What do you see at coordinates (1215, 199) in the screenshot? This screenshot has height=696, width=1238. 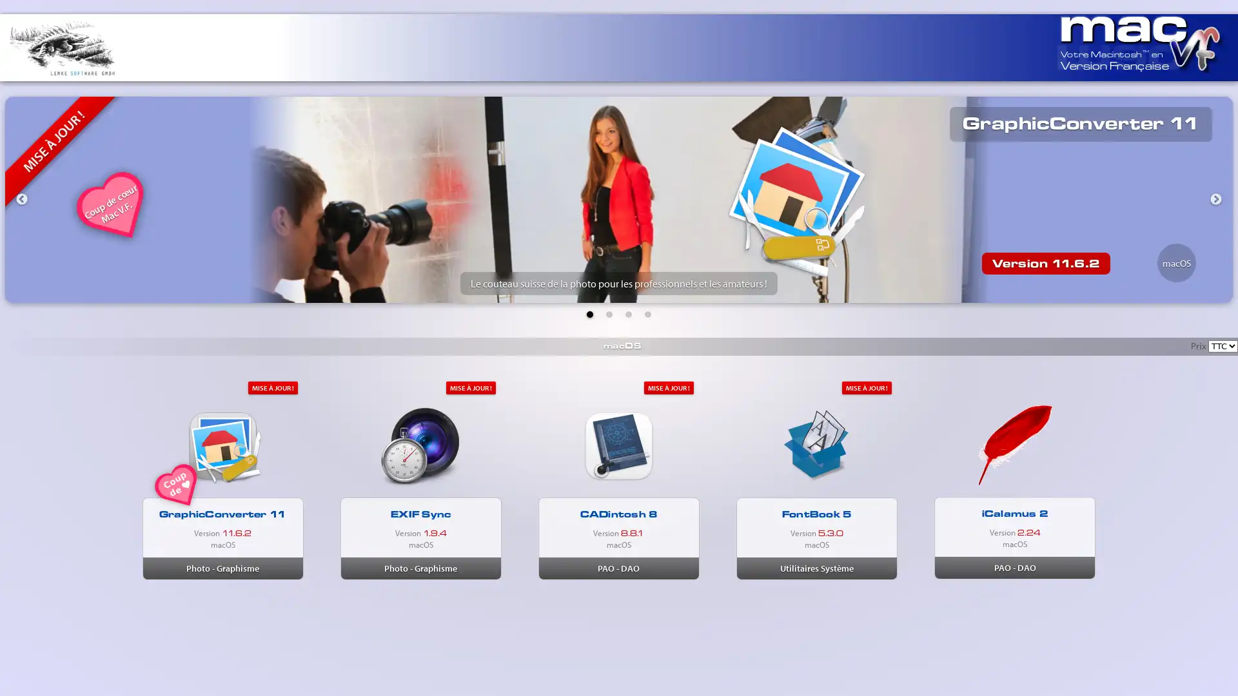 I see `Next` at bounding box center [1215, 199].